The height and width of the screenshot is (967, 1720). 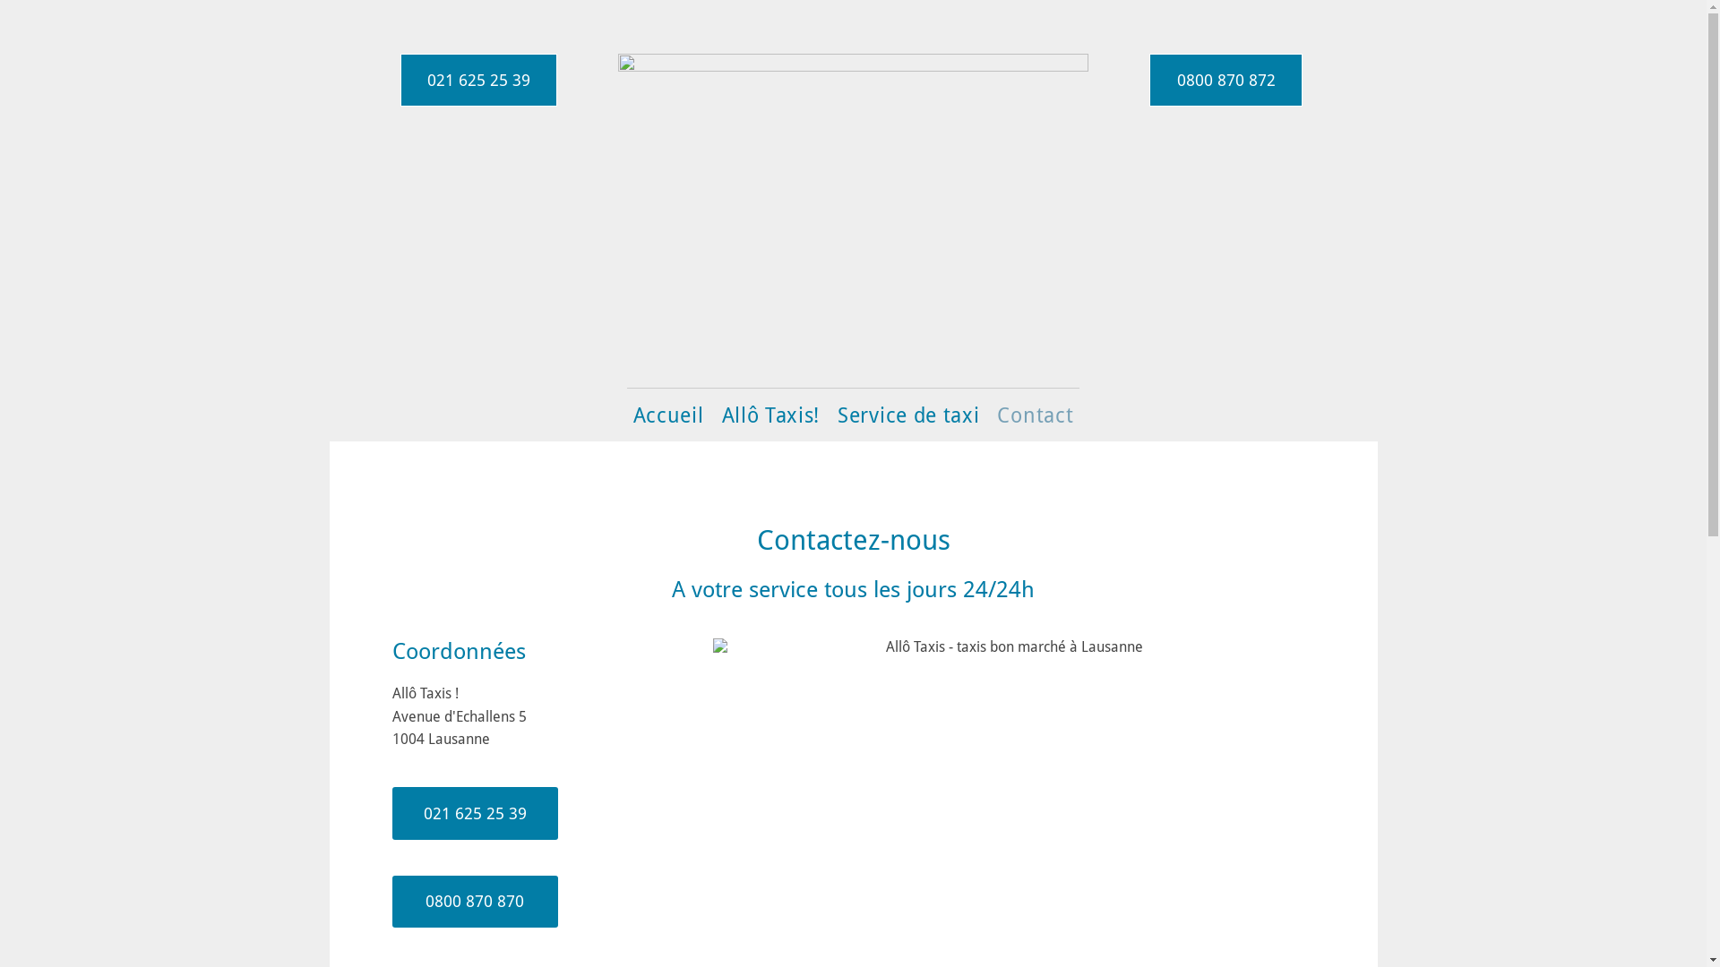 I want to click on 'Accueil', so click(x=667, y=415).